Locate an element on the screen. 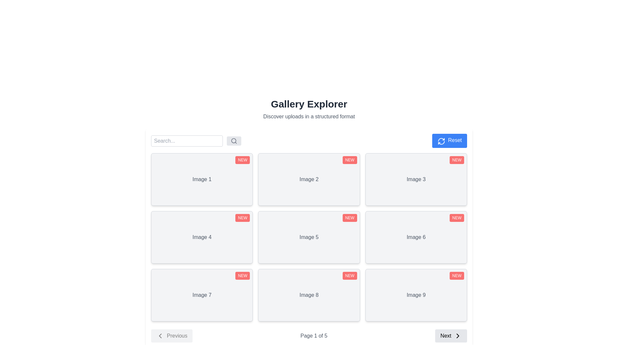 This screenshot has height=355, width=632. the first card in the grid layout, which represents an item with a 'NEW' badge, indicating it is a recent addition is located at coordinates (201, 179).